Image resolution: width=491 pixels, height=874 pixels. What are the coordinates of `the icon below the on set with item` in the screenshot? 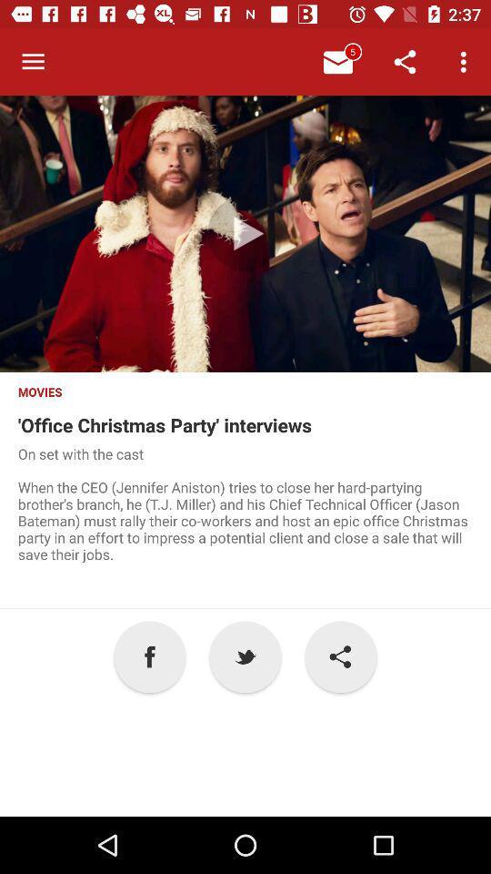 It's located at (245, 655).